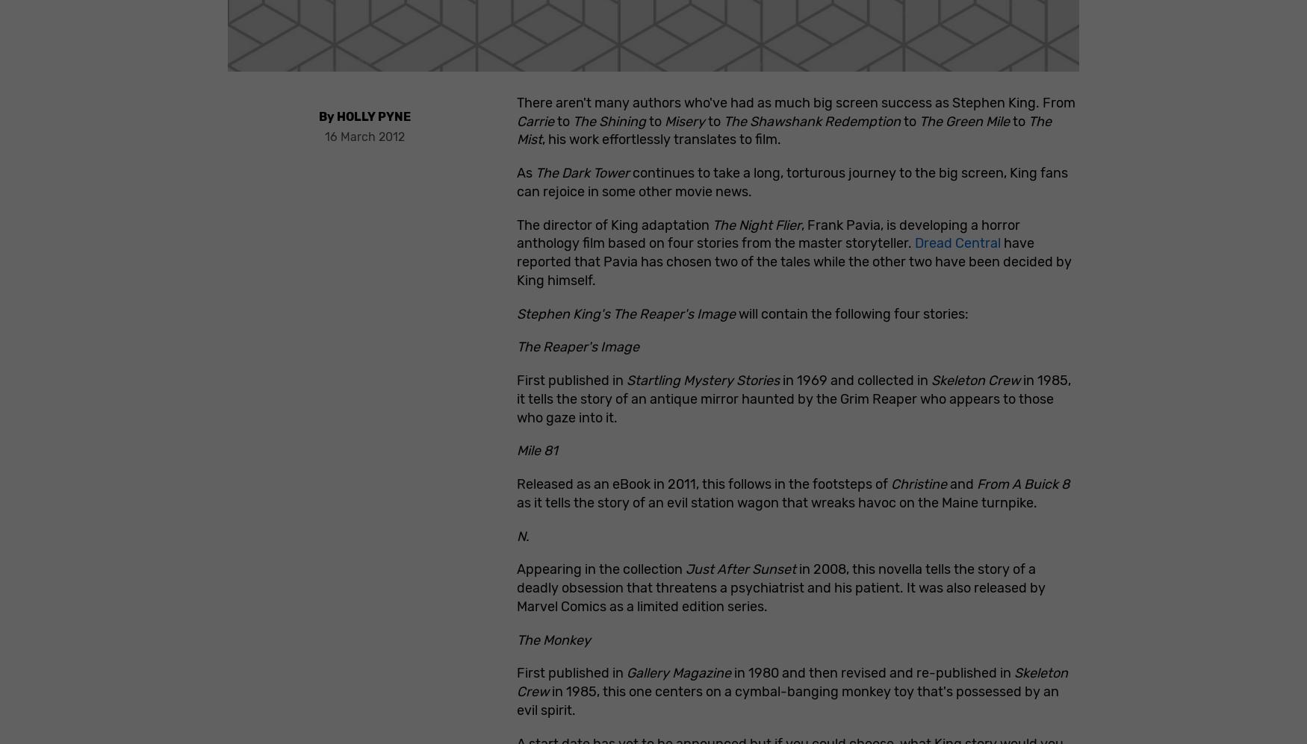 The height and width of the screenshot is (744, 1307). Describe the element at coordinates (625, 313) in the screenshot. I see `'Stephen King's The Reaper's Image'` at that location.